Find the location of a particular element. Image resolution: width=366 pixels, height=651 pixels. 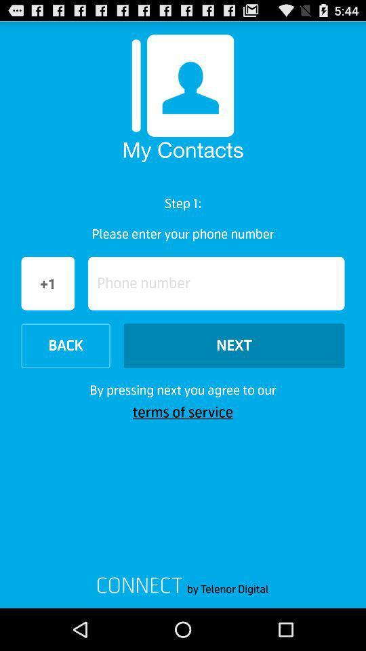

the back icon is located at coordinates (65, 345).